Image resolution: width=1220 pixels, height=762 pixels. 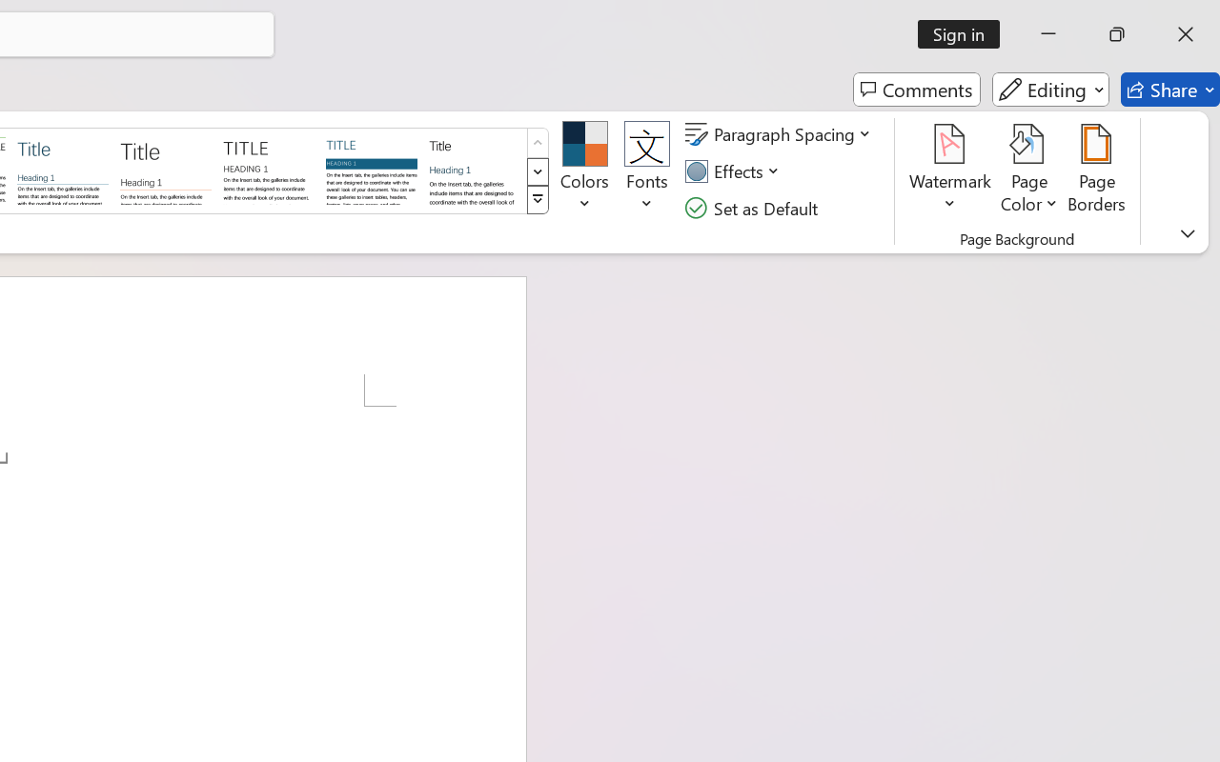 I want to click on 'Minimalist', so click(x=267, y=169).